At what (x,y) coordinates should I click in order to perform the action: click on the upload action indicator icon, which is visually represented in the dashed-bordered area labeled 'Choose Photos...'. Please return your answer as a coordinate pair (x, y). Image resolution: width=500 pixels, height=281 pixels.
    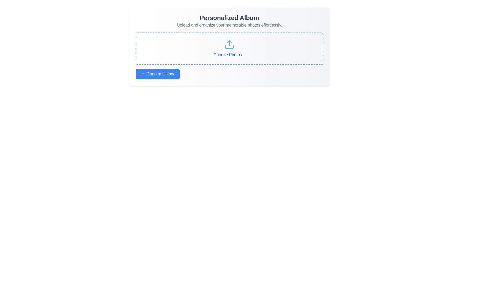
    Looking at the image, I should click on (229, 44).